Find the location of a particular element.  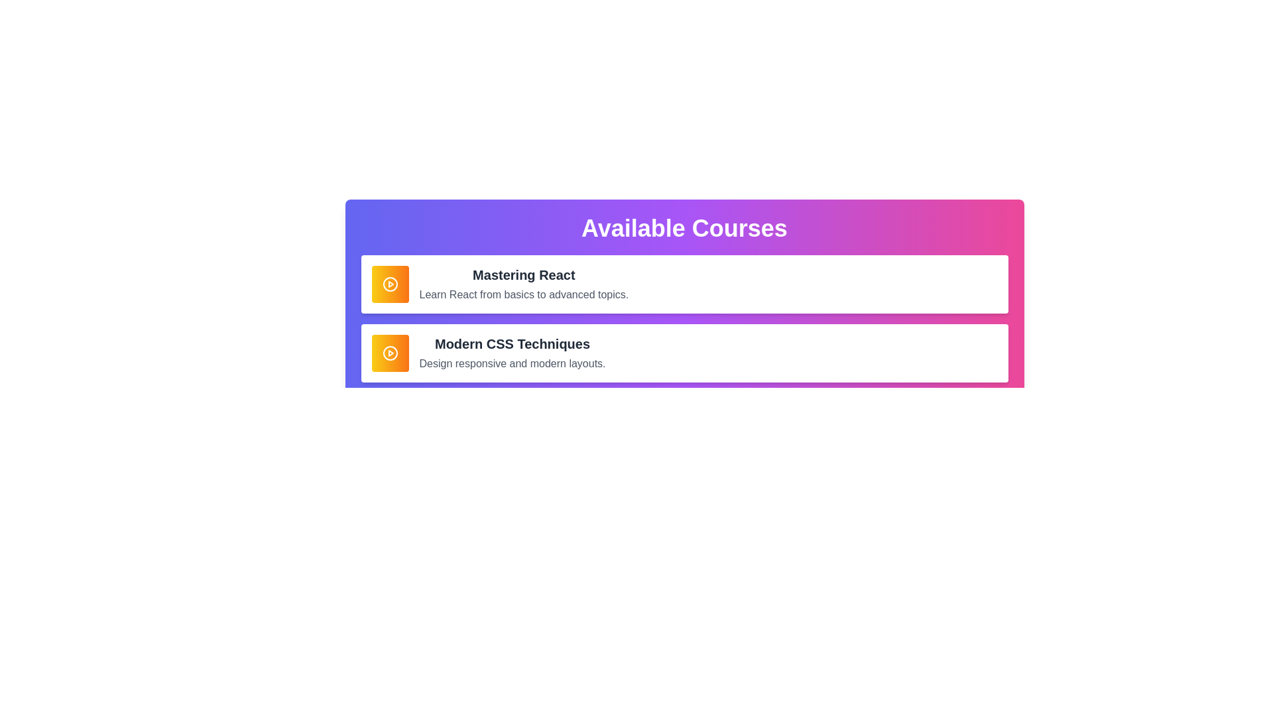

the textual content block that serves as the title and description of the course 'Mastering React', providing key information about the course content is located at coordinates (523, 283).